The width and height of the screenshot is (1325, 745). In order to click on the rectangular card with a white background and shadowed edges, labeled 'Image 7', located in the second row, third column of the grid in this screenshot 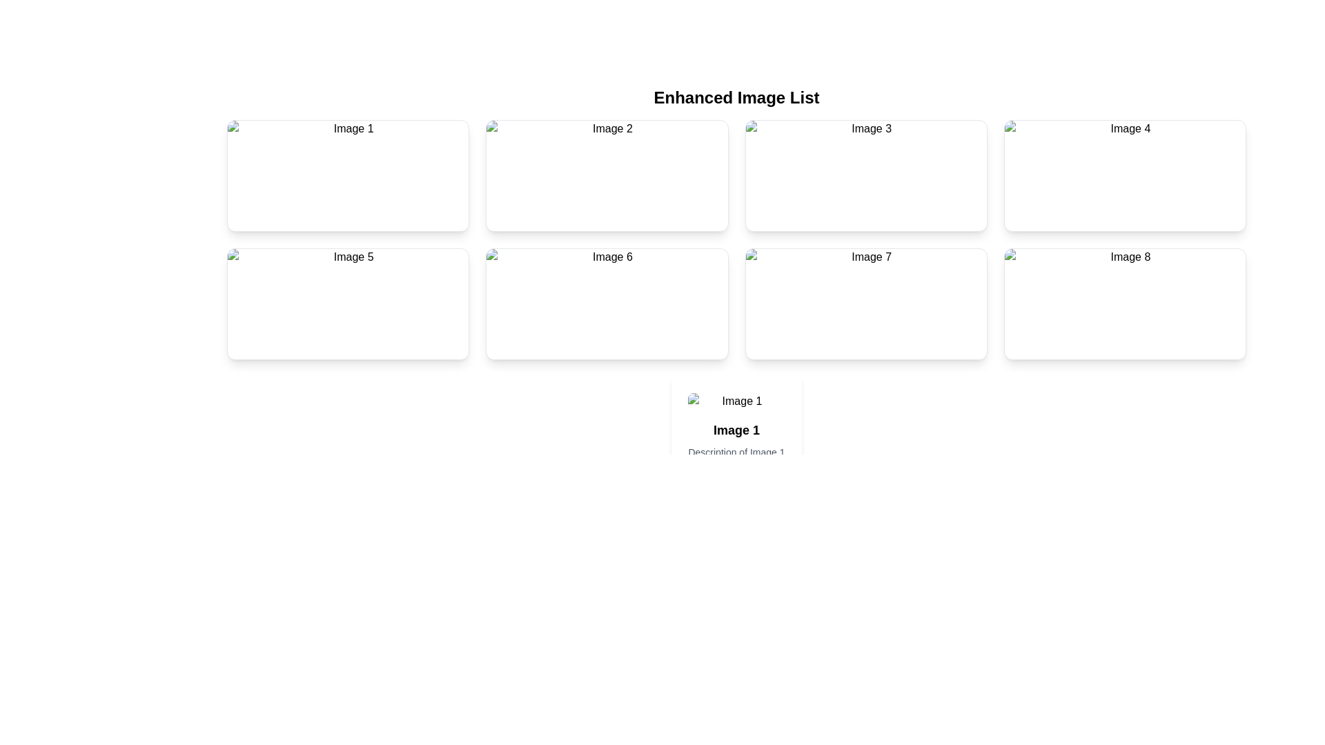, I will do `click(865, 303)`.